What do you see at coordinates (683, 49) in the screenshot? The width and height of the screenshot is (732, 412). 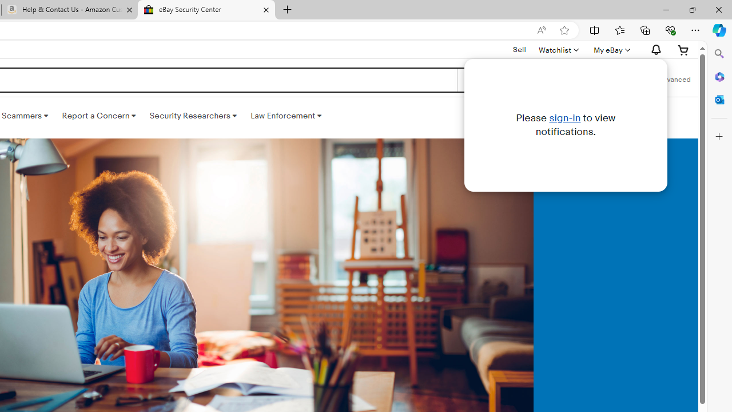 I see `'Expand Cart'` at bounding box center [683, 49].